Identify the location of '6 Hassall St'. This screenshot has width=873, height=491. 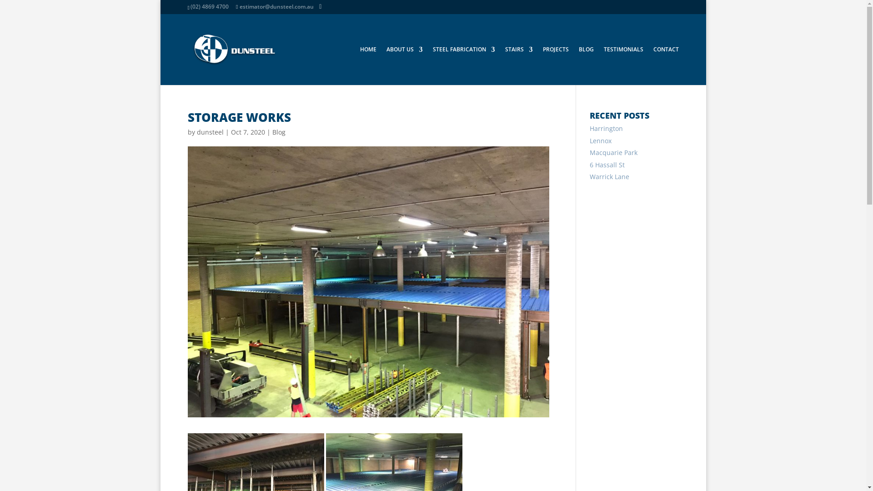
(607, 165).